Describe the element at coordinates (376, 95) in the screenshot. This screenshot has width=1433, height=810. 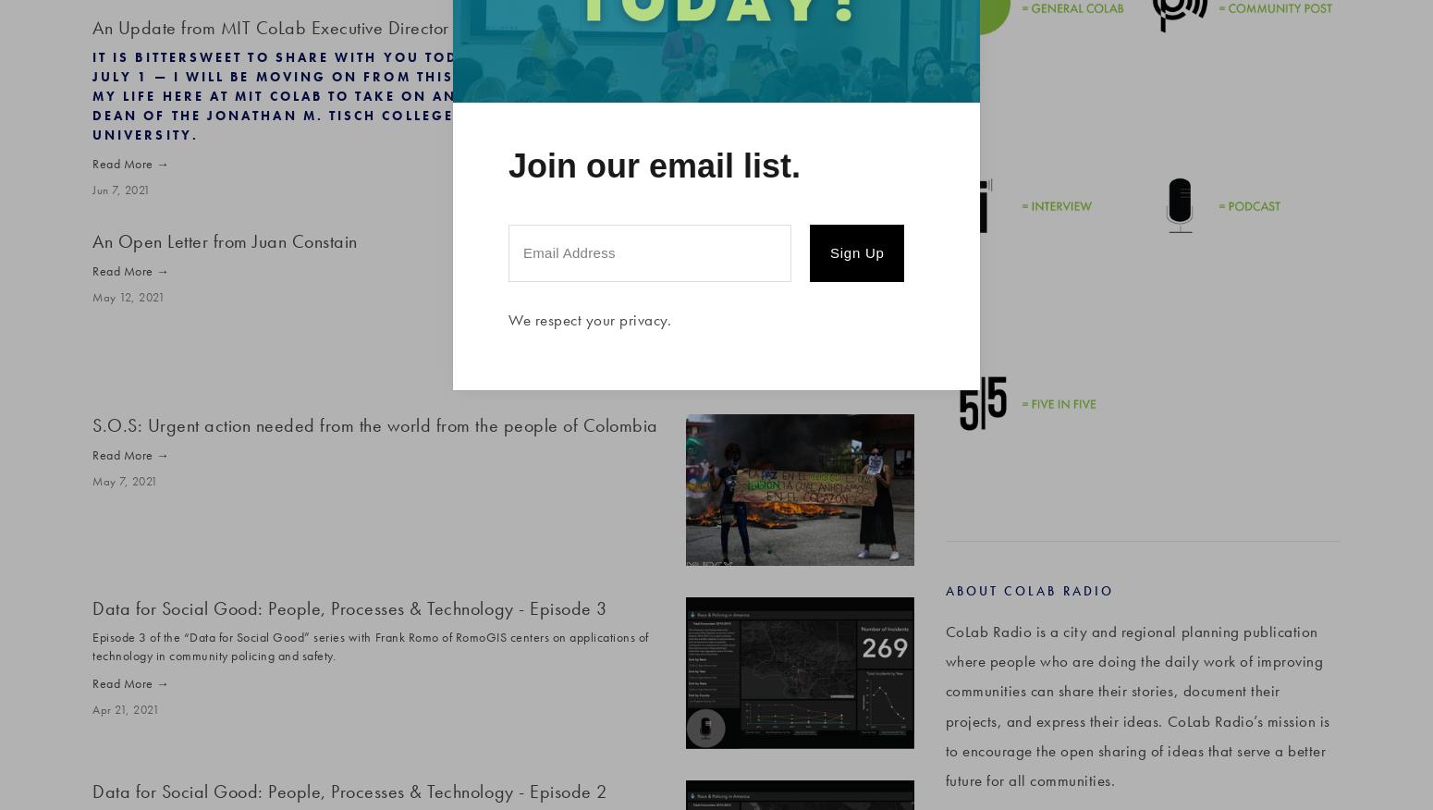
I see `'It is bittersweet to share with you today that — effective July 1 — I will be moving on from this incredible chapter of my life here at MIT CoLab to take on an exciting new role as Dean of the Jonathan M. Tisch College of Civic Life at Tufts University.'` at that location.